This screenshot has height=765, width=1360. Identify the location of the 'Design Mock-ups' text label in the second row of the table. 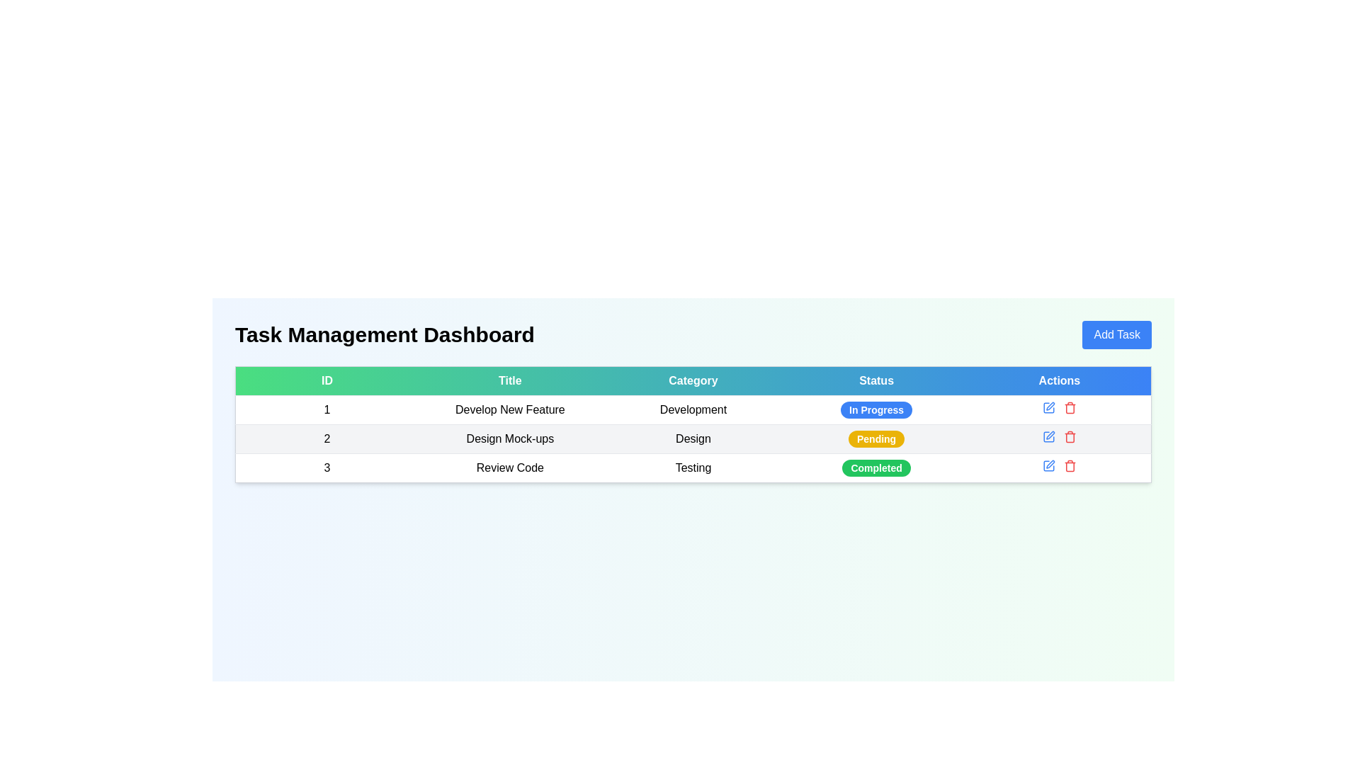
(510, 438).